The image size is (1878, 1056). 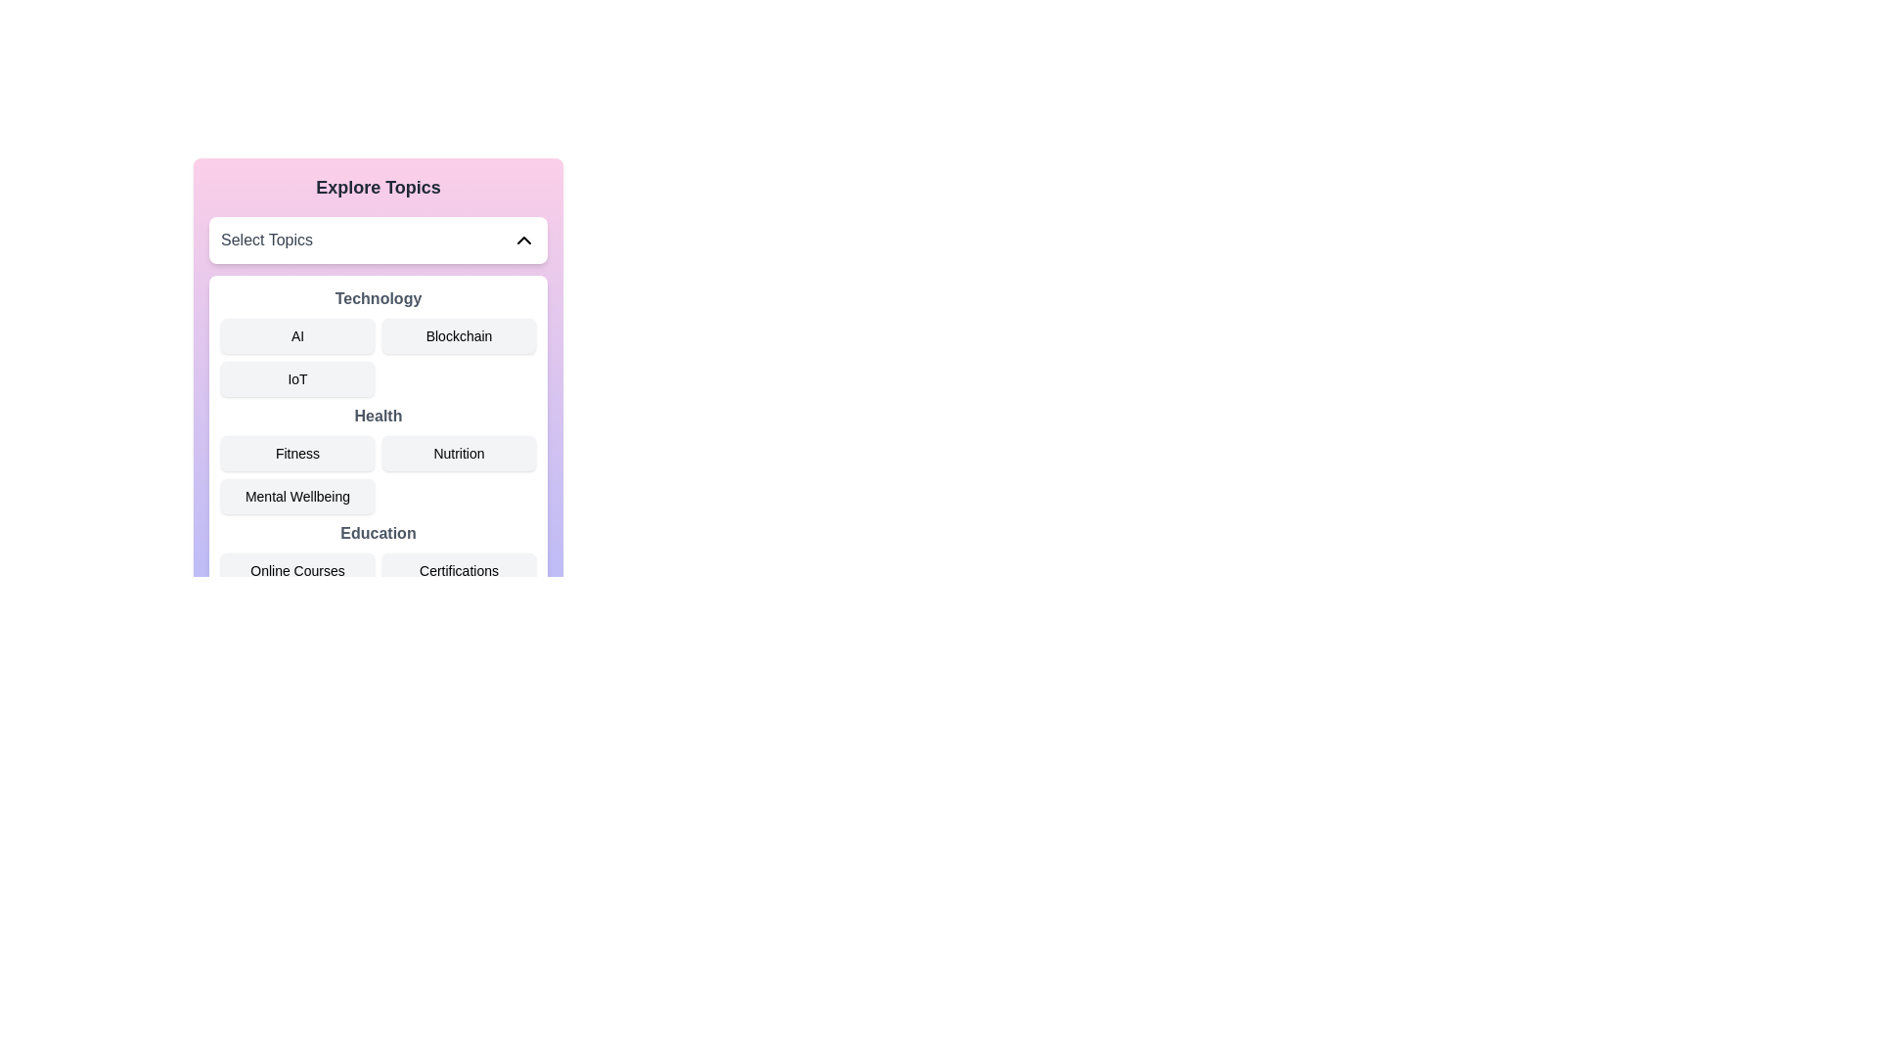 What do you see at coordinates (458, 570) in the screenshot?
I see `the 'Certifications' button located in the lower portion of the 'Education' section within the 'Explore Topics' panel` at bounding box center [458, 570].